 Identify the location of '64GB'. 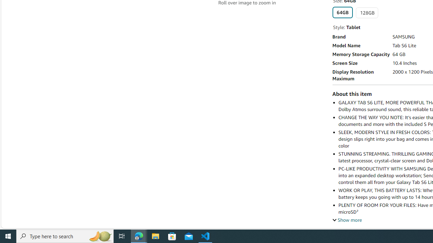
(342, 12).